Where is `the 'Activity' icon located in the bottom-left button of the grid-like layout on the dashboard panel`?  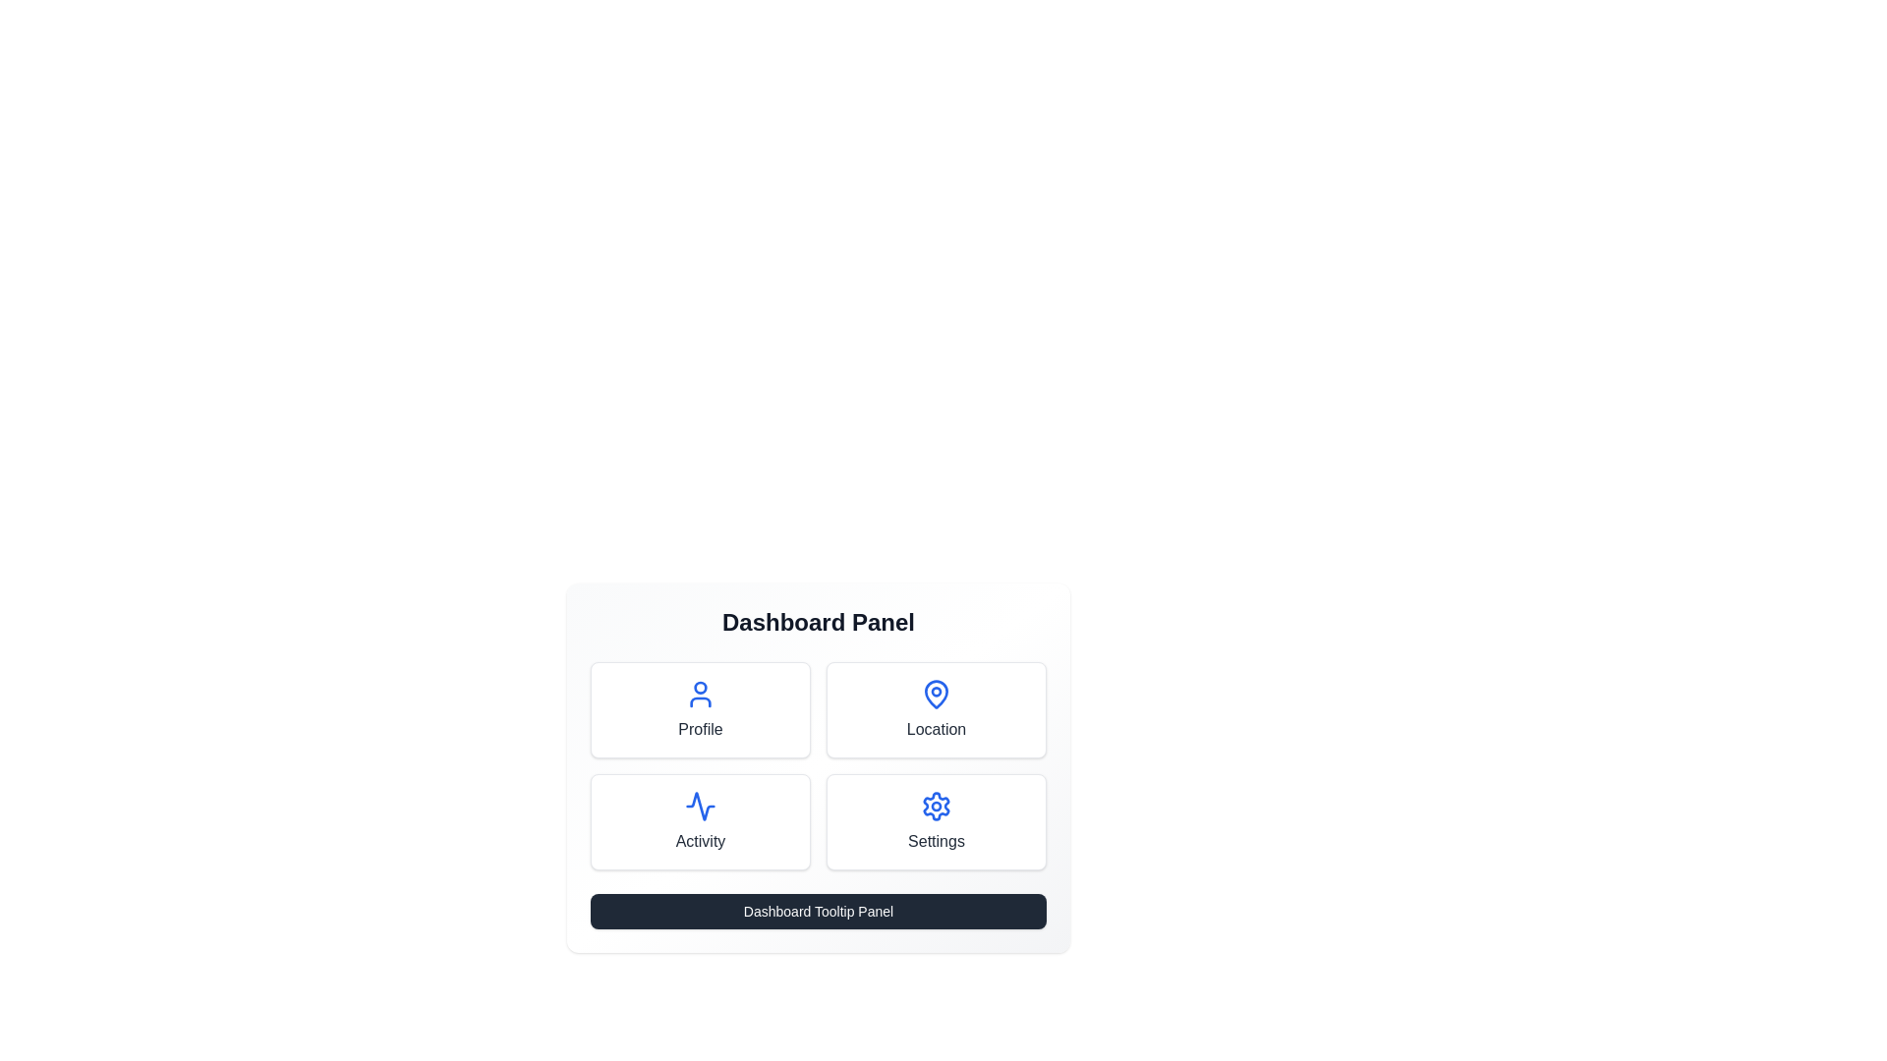
the 'Activity' icon located in the bottom-left button of the grid-like layout on the dashboard panel is located at coordinates (701, 807).